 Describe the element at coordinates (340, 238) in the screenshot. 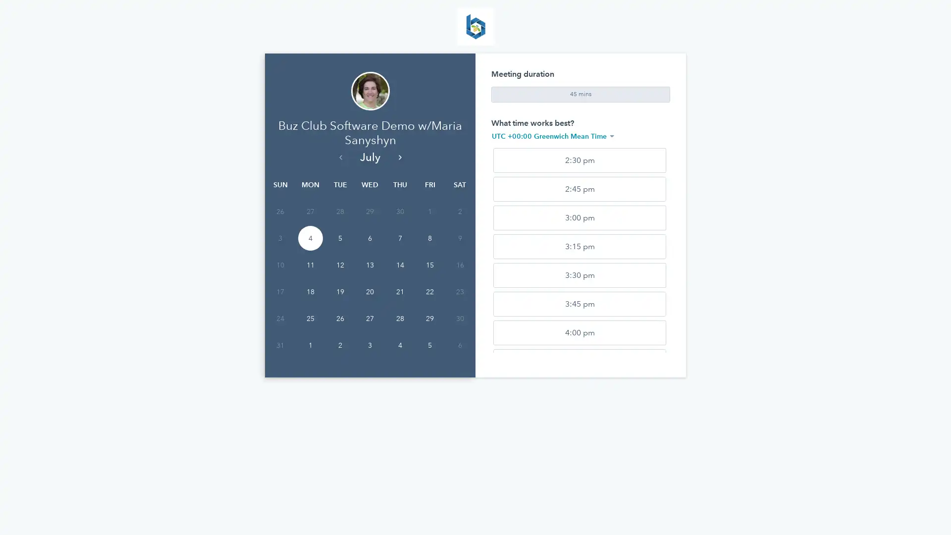

I see `July 5th` at that location.